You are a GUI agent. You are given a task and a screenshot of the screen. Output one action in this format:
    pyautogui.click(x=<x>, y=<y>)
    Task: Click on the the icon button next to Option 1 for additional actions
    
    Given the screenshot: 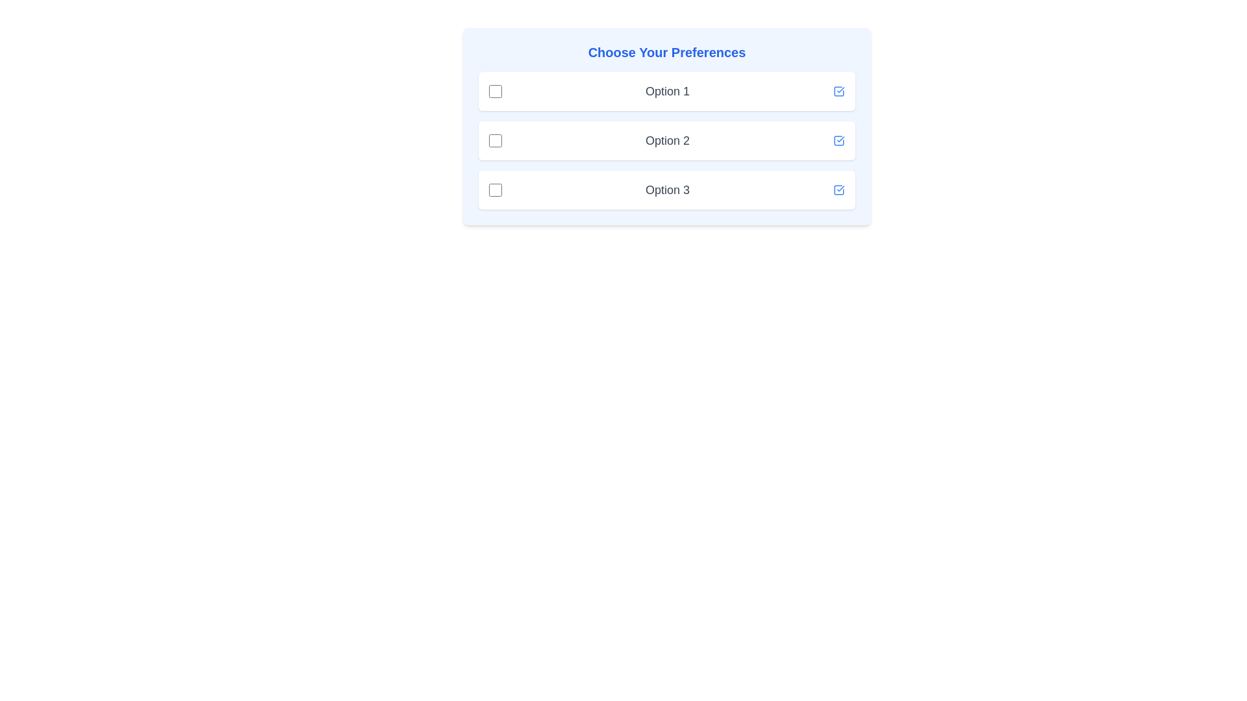 What is the action you would take?
    pyautogui.click(x=838, y=91)
    